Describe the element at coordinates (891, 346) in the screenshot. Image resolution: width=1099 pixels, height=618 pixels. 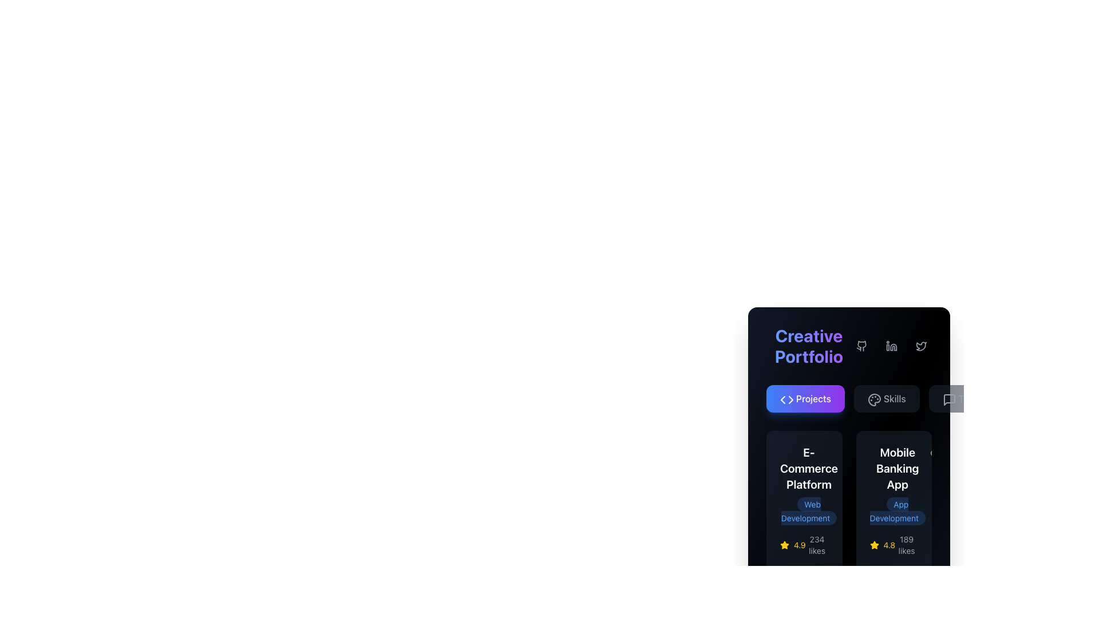
I see `the second button in a horizontal row of three buttons` at that location.